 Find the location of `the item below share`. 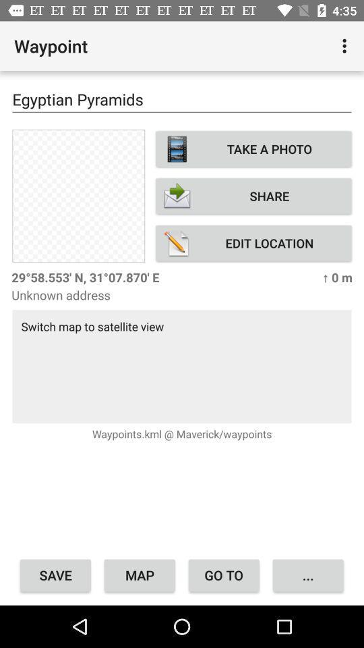

the item below share is located at coordinates (253, 243).